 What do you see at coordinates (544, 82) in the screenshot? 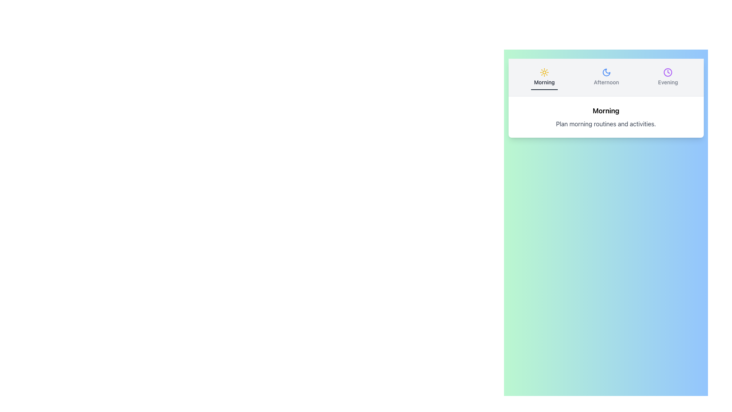
I see `text displayed on the 'Morning' text label, which is located beneath a sun icon in the upper left section of the interface` at bounding box center [544, 82].